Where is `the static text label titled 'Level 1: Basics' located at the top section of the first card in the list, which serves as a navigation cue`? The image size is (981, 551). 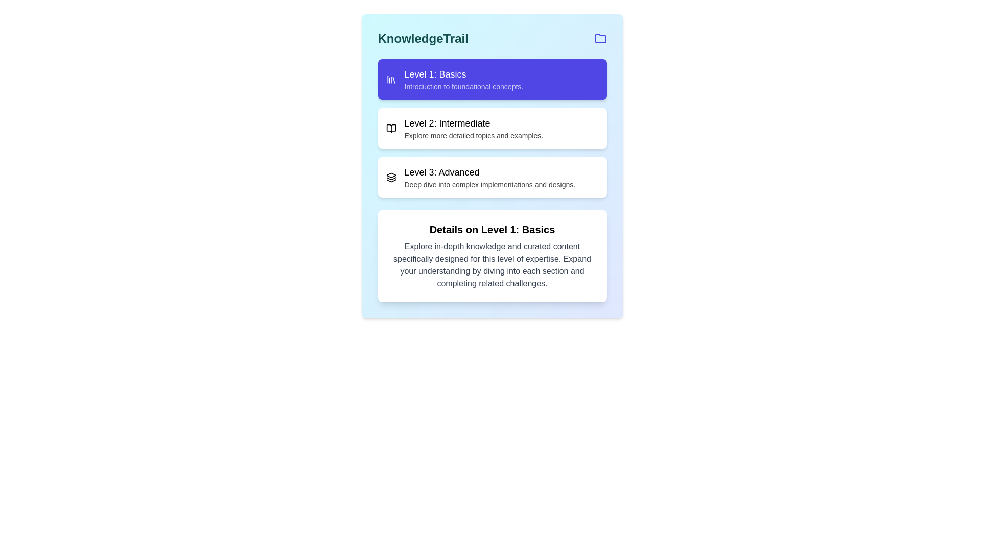 the static text label titled 'Level 1: Basics' located at the top section of the first card in the list, which serves as a navigation cue is located at coordinates (463, 74).